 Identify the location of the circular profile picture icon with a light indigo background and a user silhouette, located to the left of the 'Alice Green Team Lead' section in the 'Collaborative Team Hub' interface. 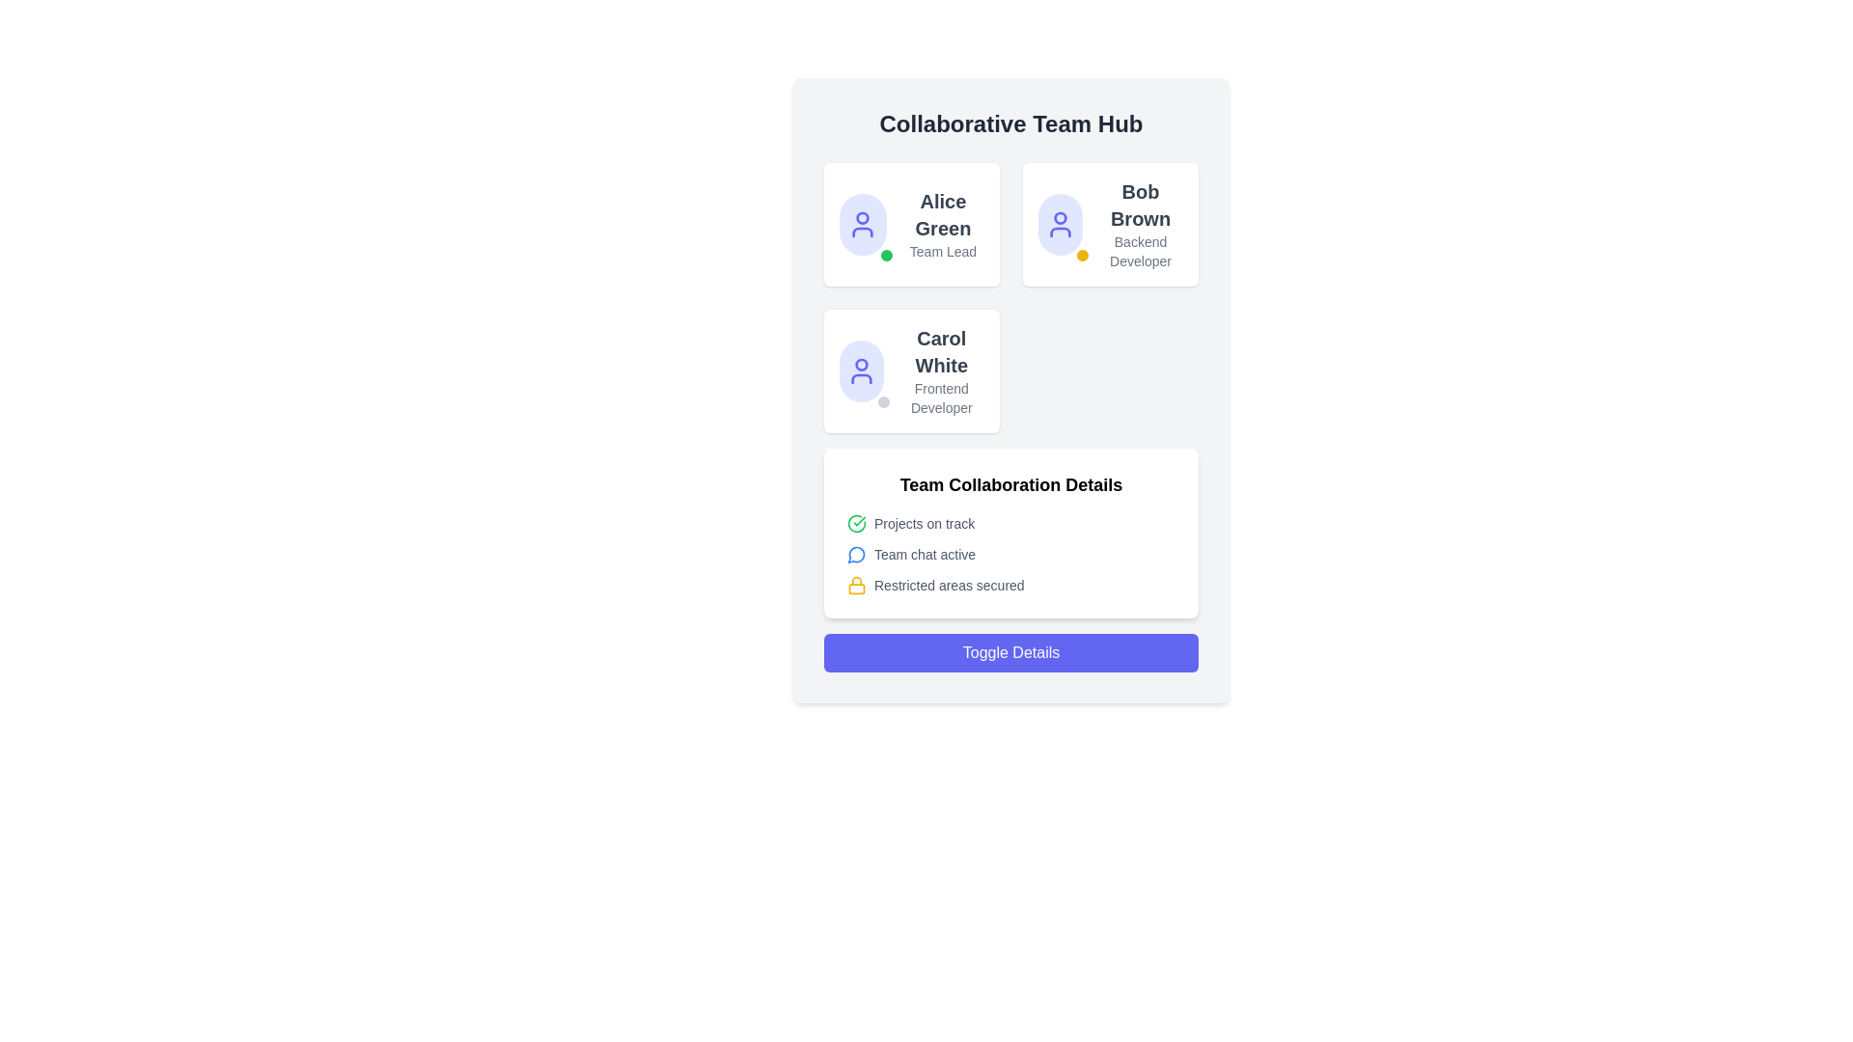
(862, 223).